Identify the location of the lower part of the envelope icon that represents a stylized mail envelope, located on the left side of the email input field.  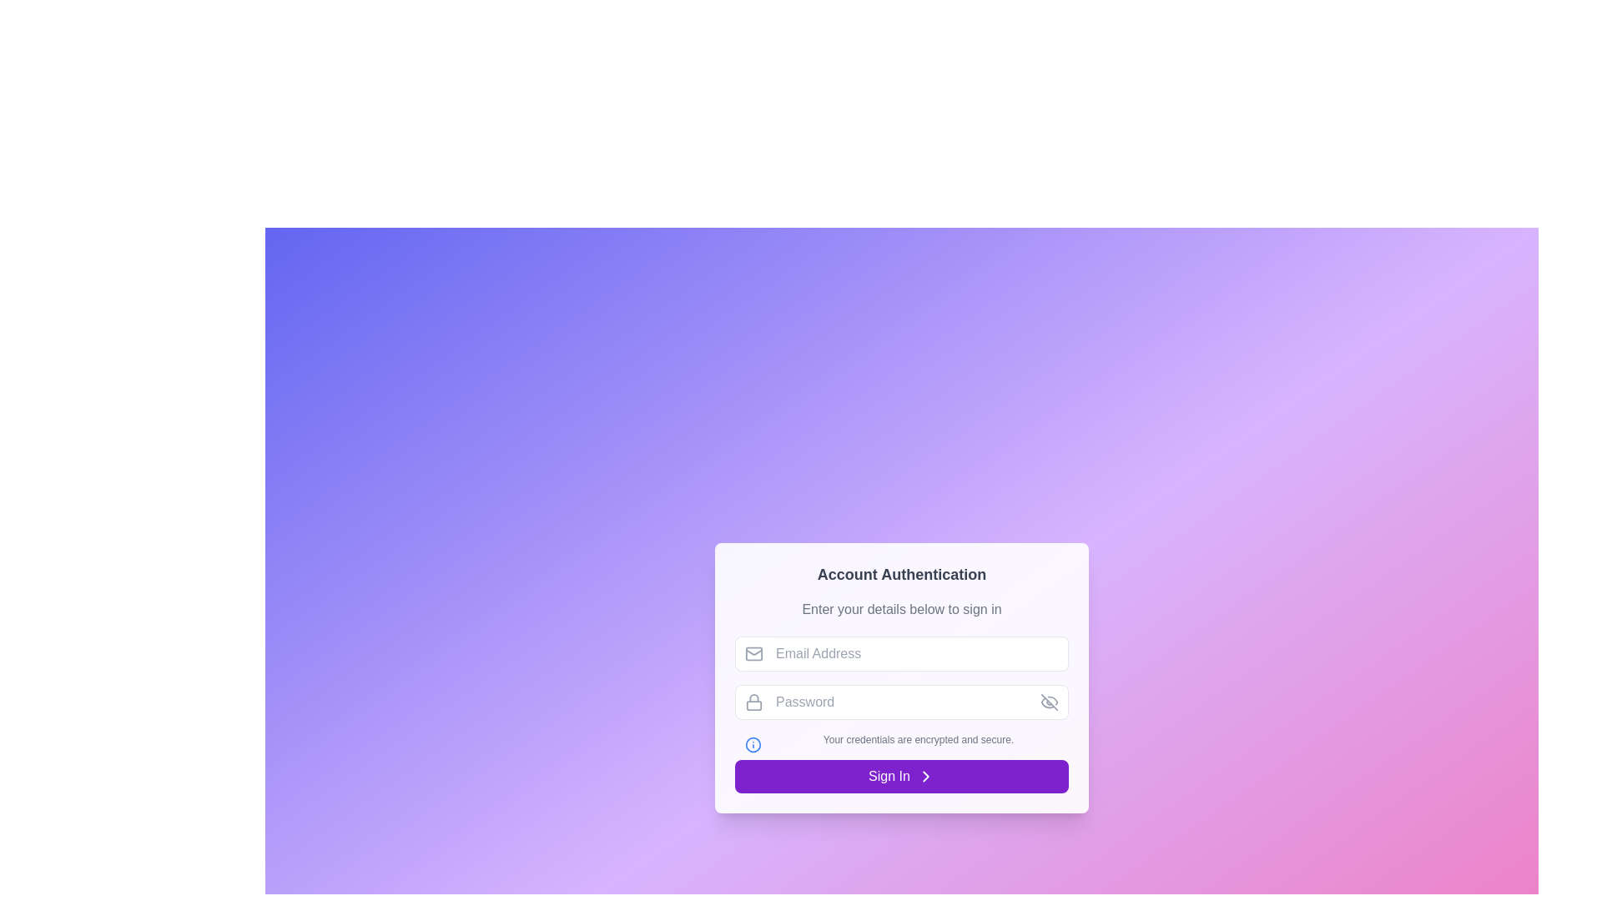
(753, 652).